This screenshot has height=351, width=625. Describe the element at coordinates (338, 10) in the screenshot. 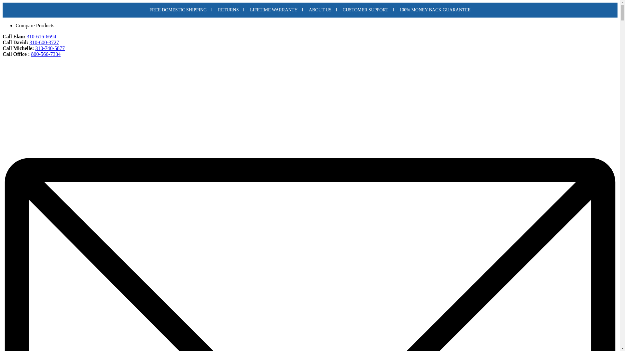

I see `'CUSTOMER SUPPORT'` at that location.